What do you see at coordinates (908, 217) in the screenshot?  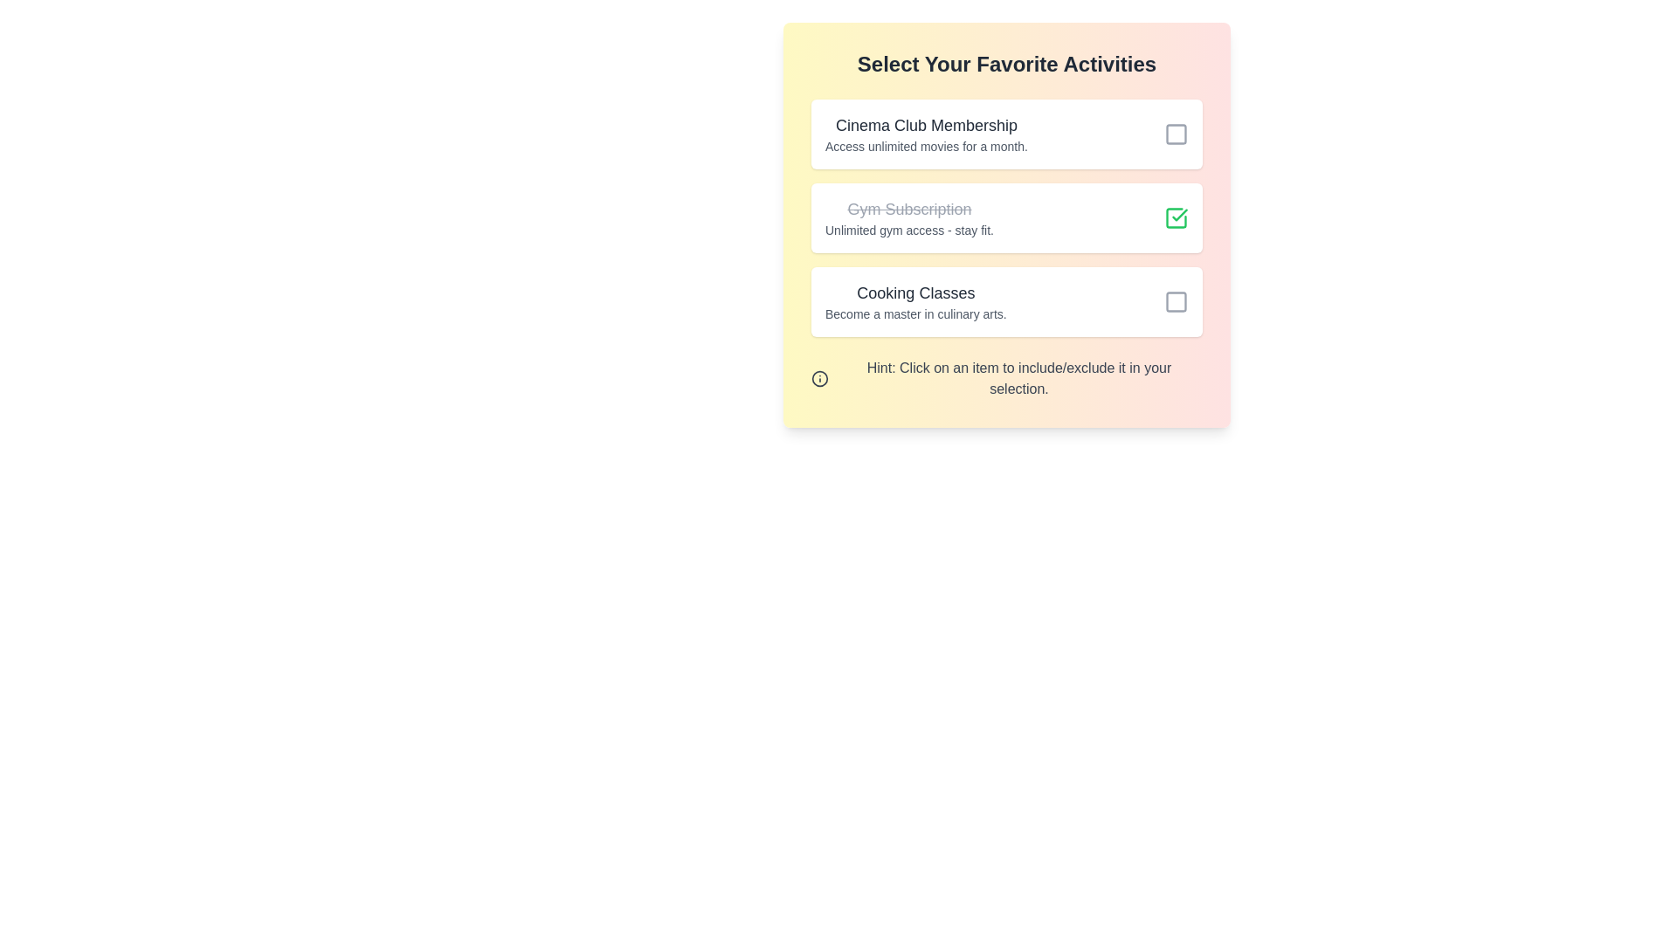 I see `the static description label for the 'Gym Subscription' option, which is the second item in a vertical list of selectable options` at bounding box center [908, 217].